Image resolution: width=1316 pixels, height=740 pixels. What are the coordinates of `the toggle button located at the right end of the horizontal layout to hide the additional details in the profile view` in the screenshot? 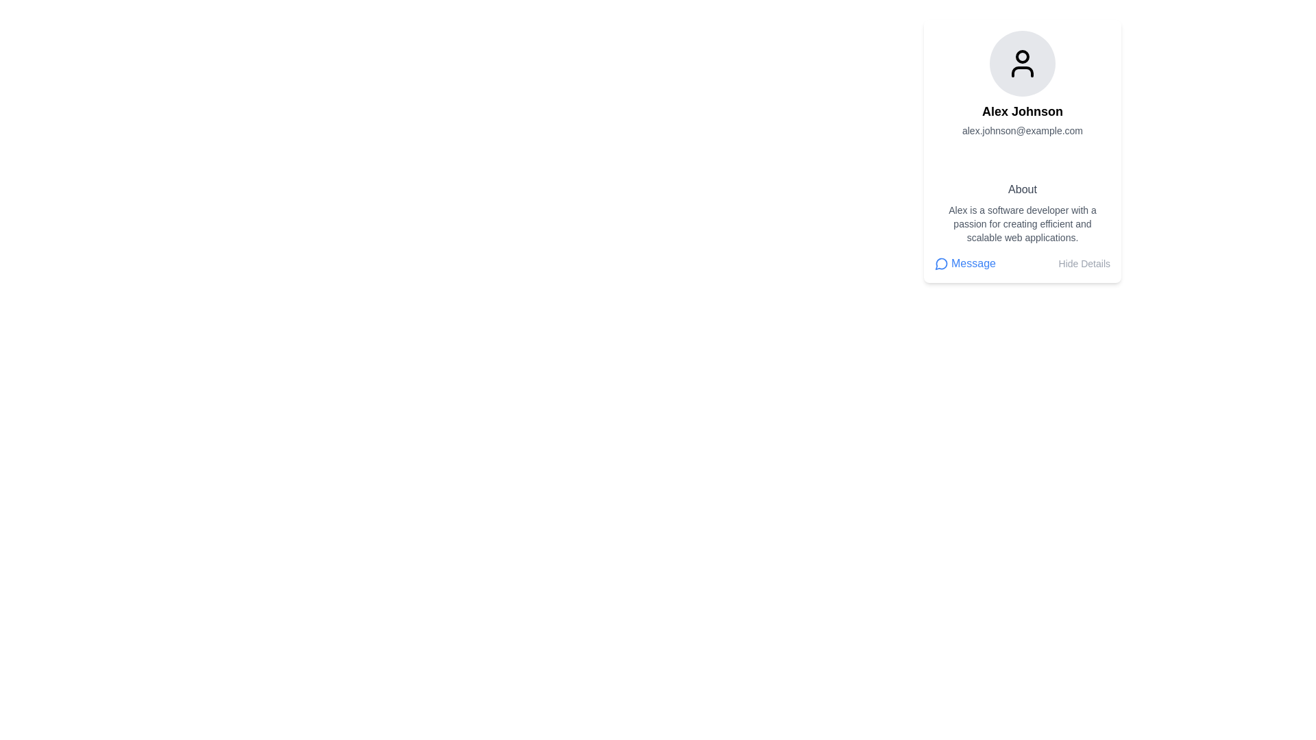 It's located at (1084, 264).